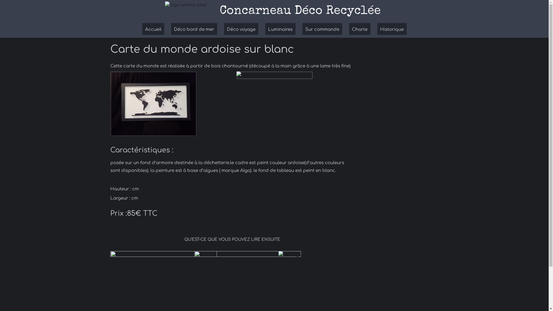  I want to click on 'Accueil', so click(153, 29).